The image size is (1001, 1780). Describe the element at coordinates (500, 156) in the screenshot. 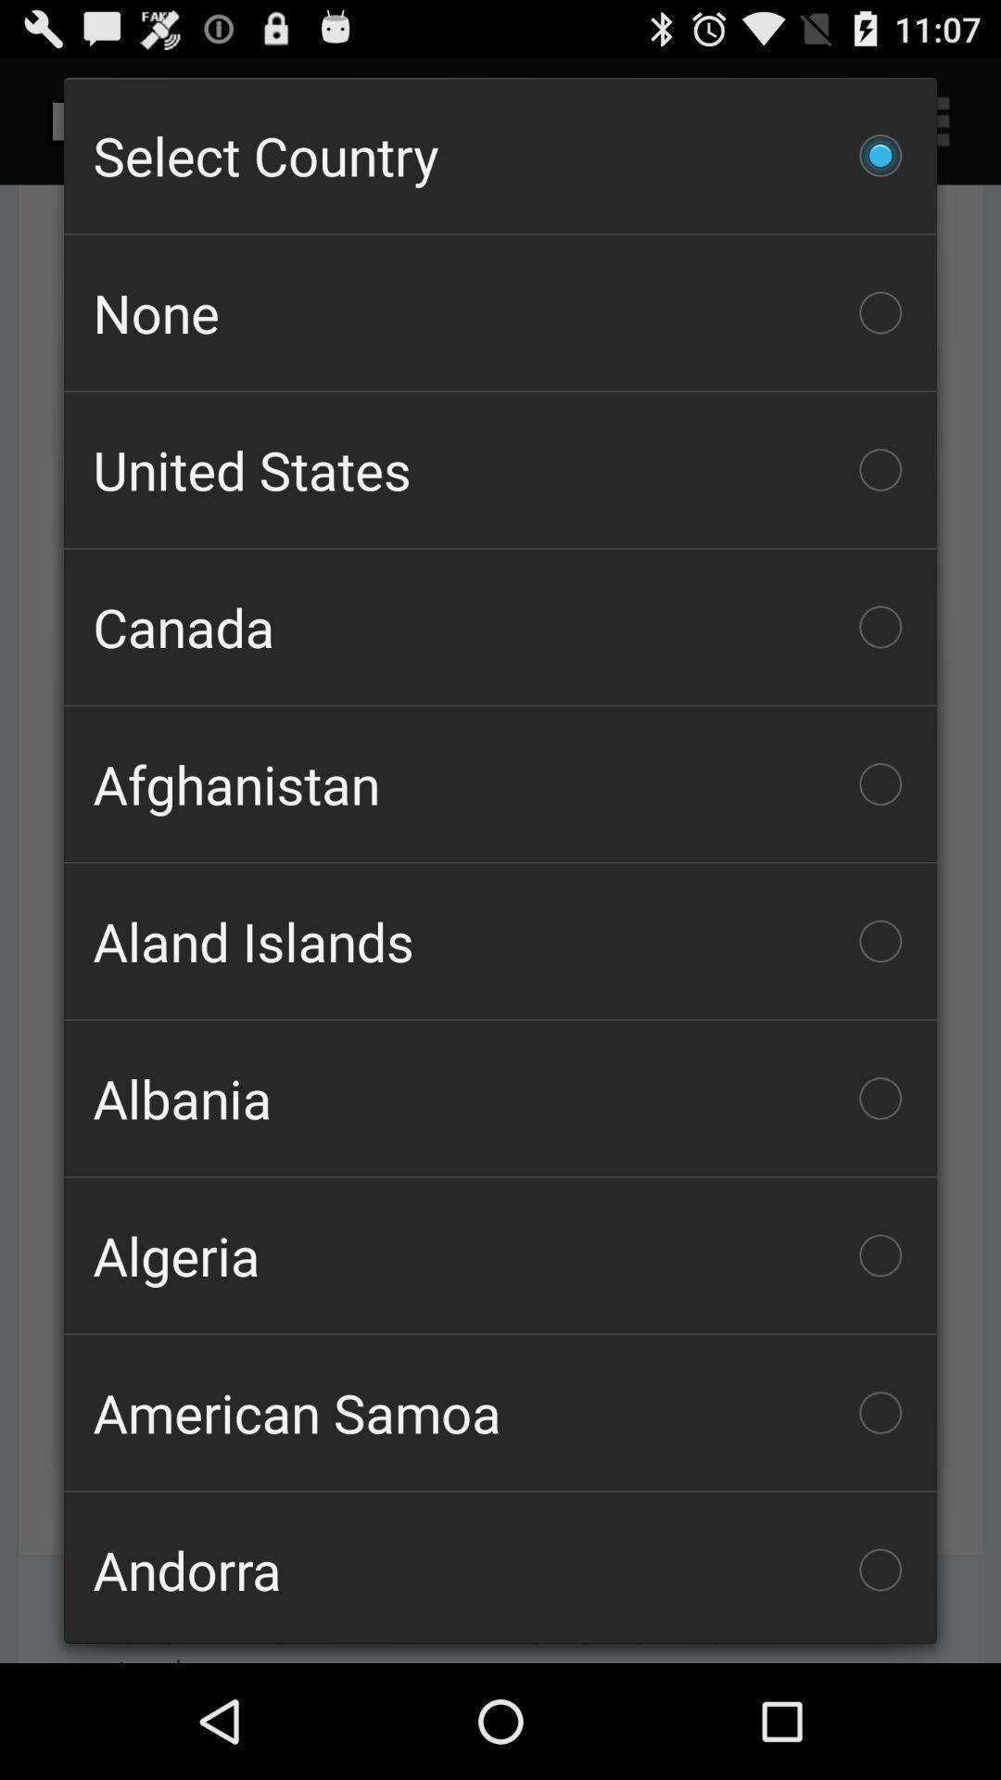

I see `the item above the none item` at that location.